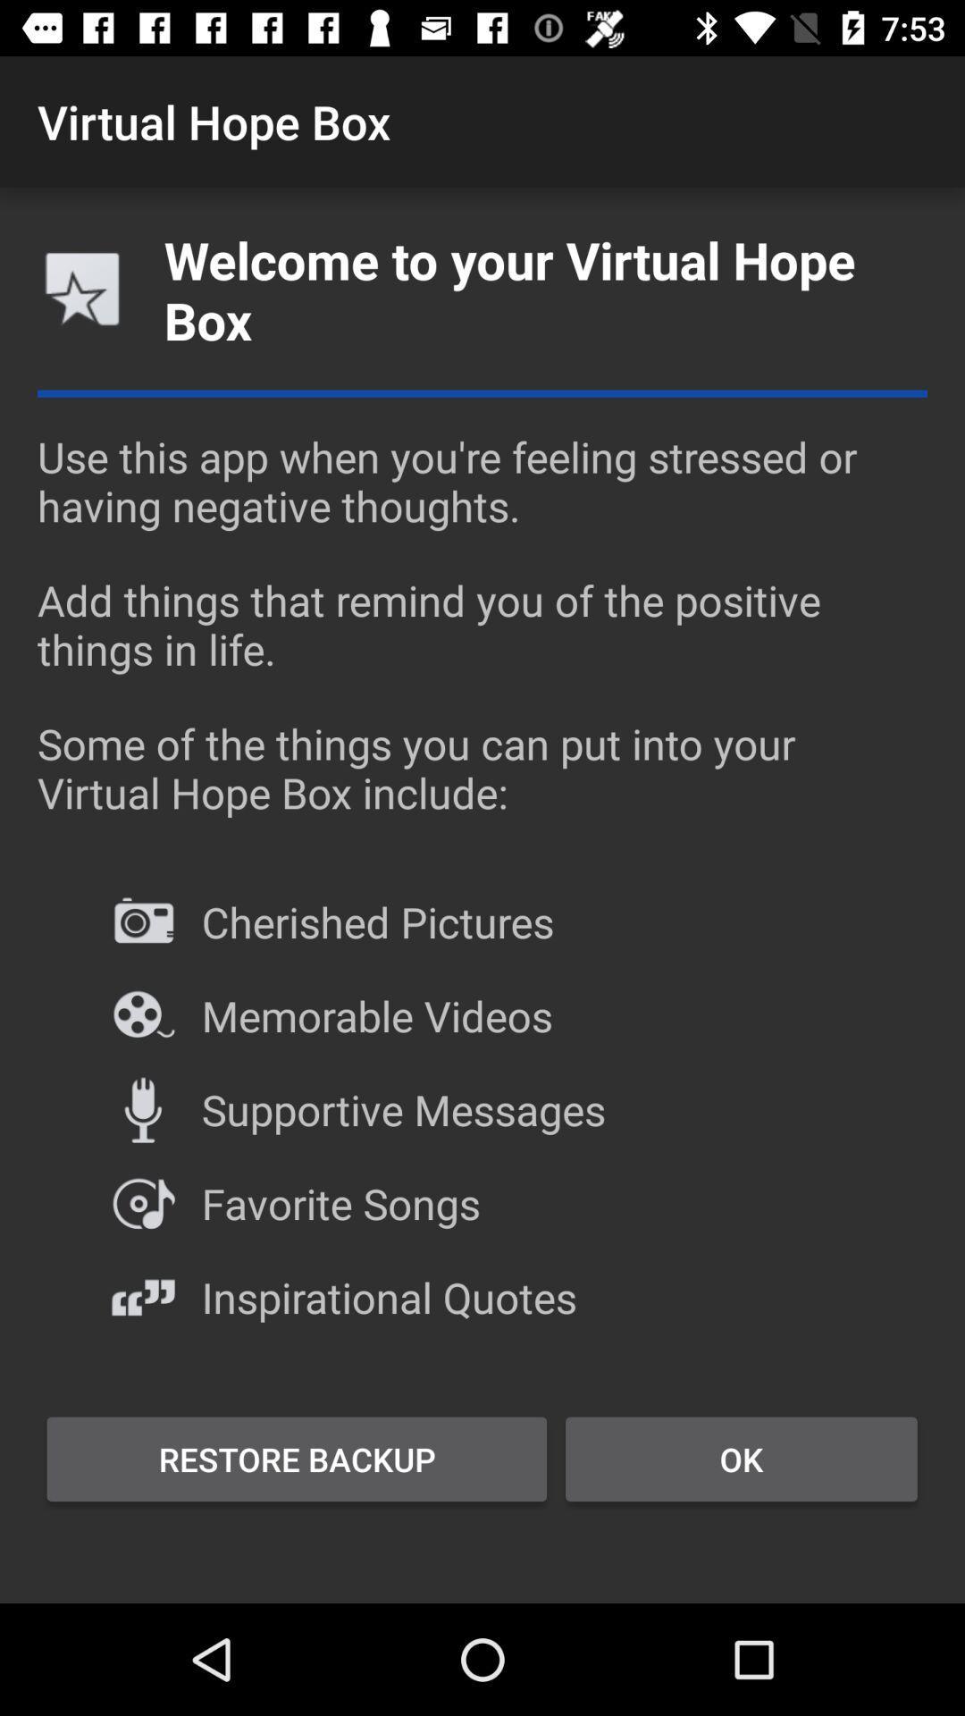  I want to click on the icon at the bottom right corner, so click(741, 1459).